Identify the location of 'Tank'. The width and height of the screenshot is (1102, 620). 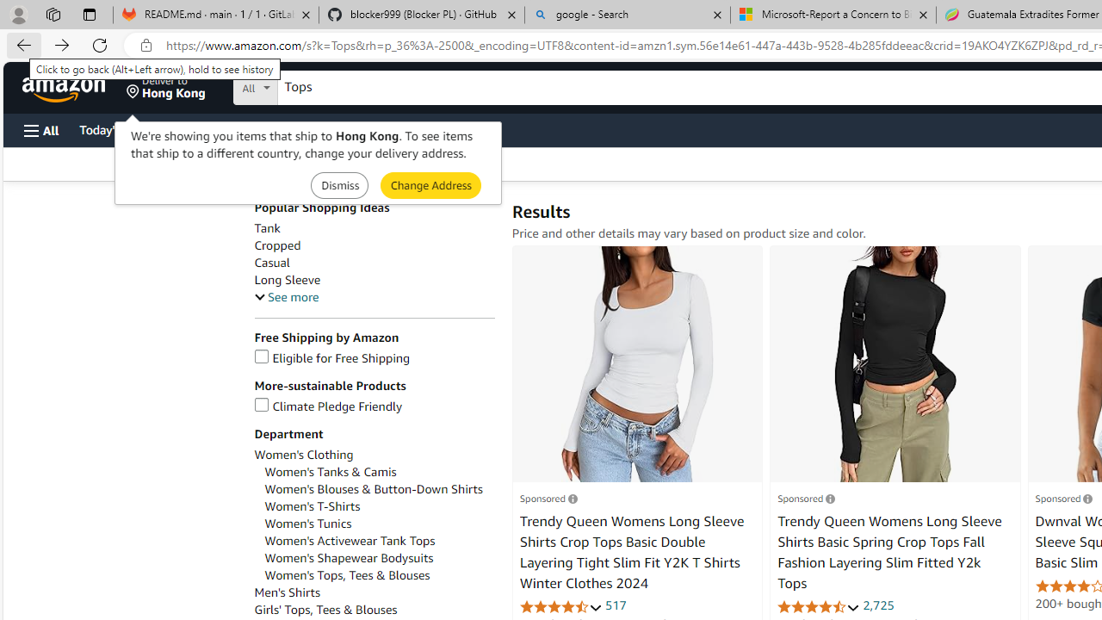
(373, 227).